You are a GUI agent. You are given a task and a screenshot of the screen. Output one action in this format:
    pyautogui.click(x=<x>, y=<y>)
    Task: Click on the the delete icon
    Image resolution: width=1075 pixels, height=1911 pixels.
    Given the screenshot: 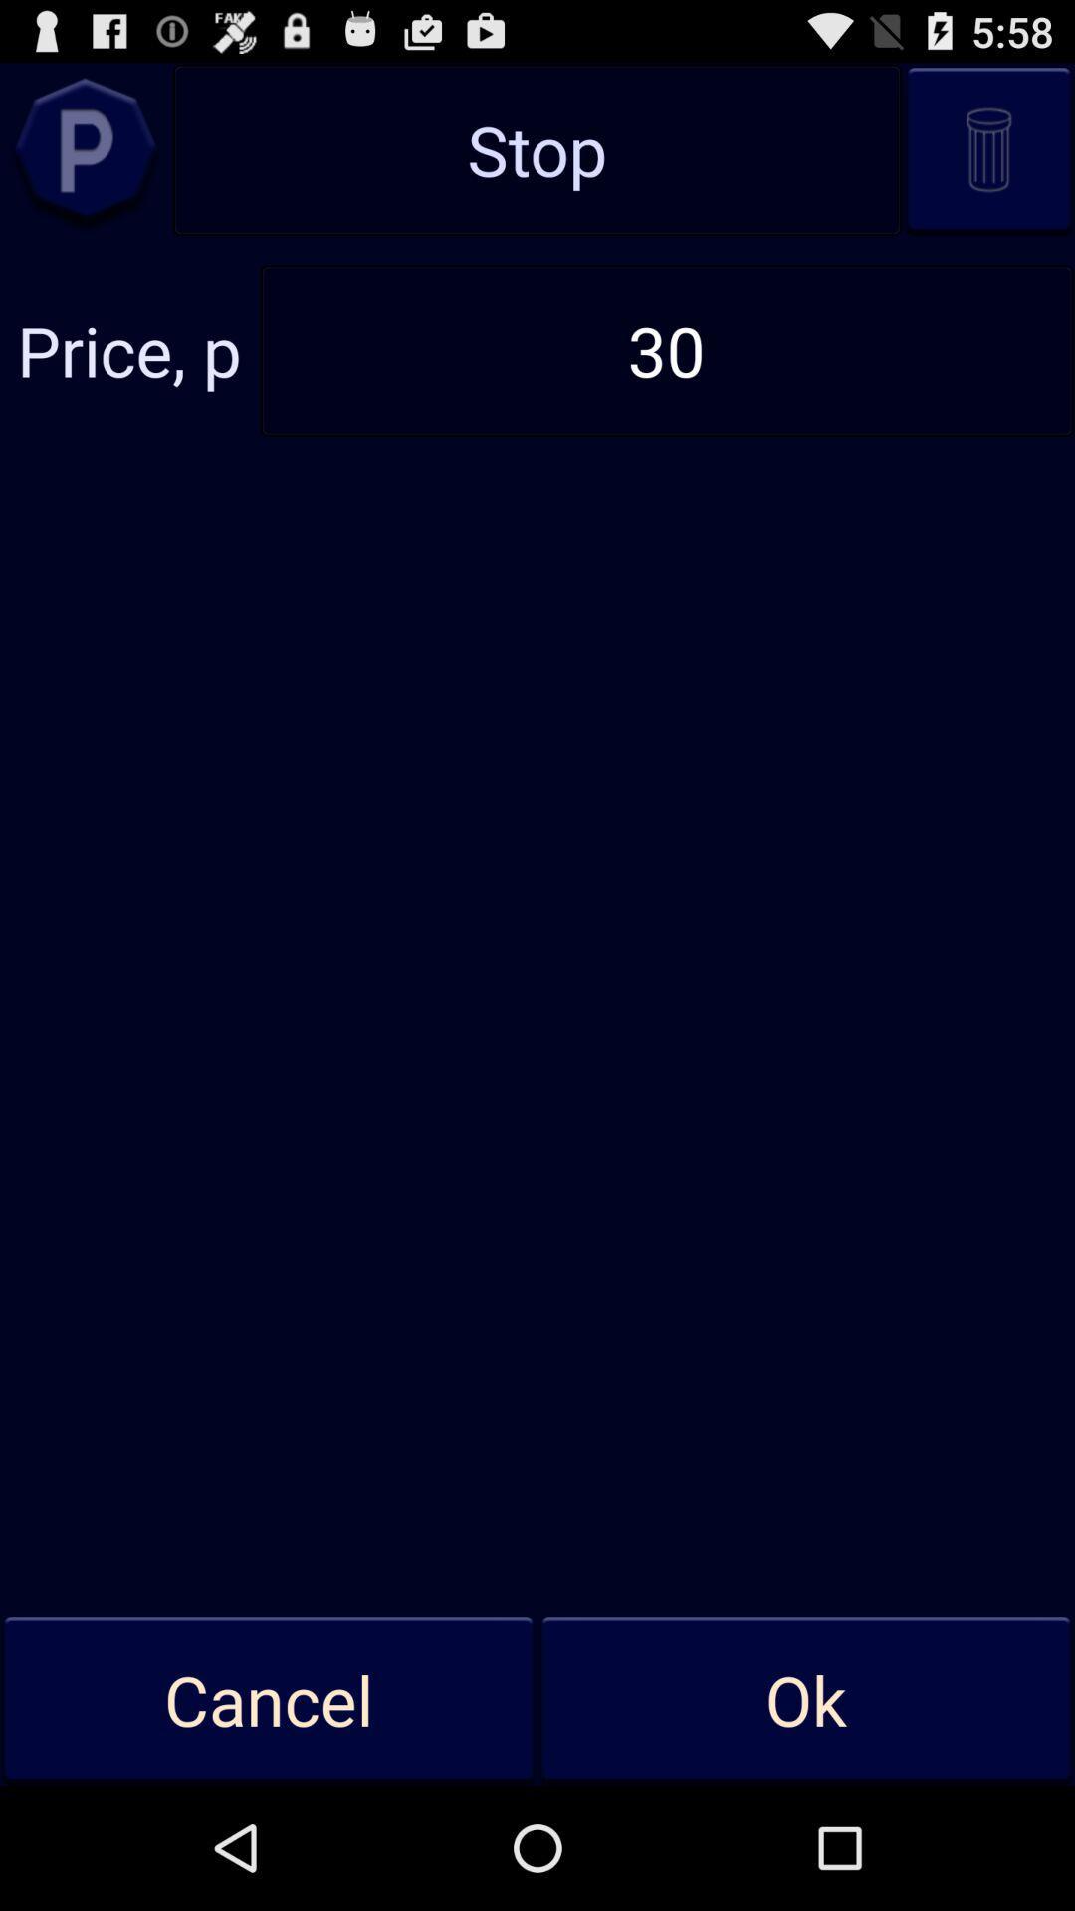 What is the action you would take?
    pyautogui.click(x=988, y=160)
    